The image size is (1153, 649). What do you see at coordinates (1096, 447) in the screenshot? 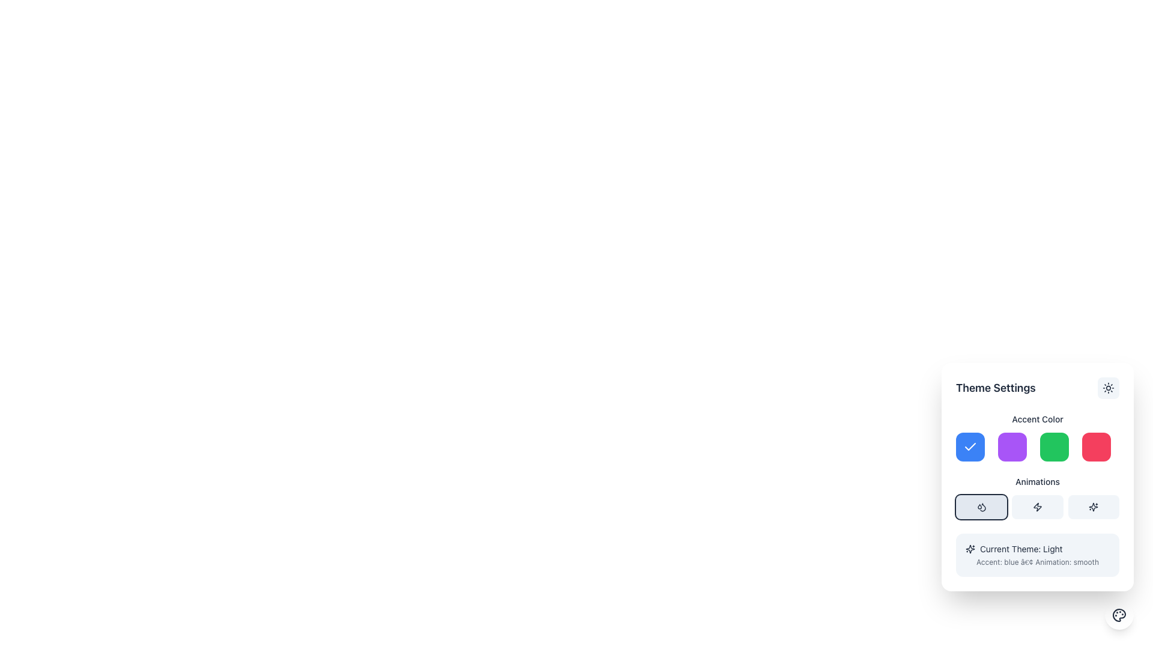
I see `the fourth button in the row of four selectable color buttons under the 'Accent Color' section in the Theme Settings panel` at bounding box center [1096, 447].